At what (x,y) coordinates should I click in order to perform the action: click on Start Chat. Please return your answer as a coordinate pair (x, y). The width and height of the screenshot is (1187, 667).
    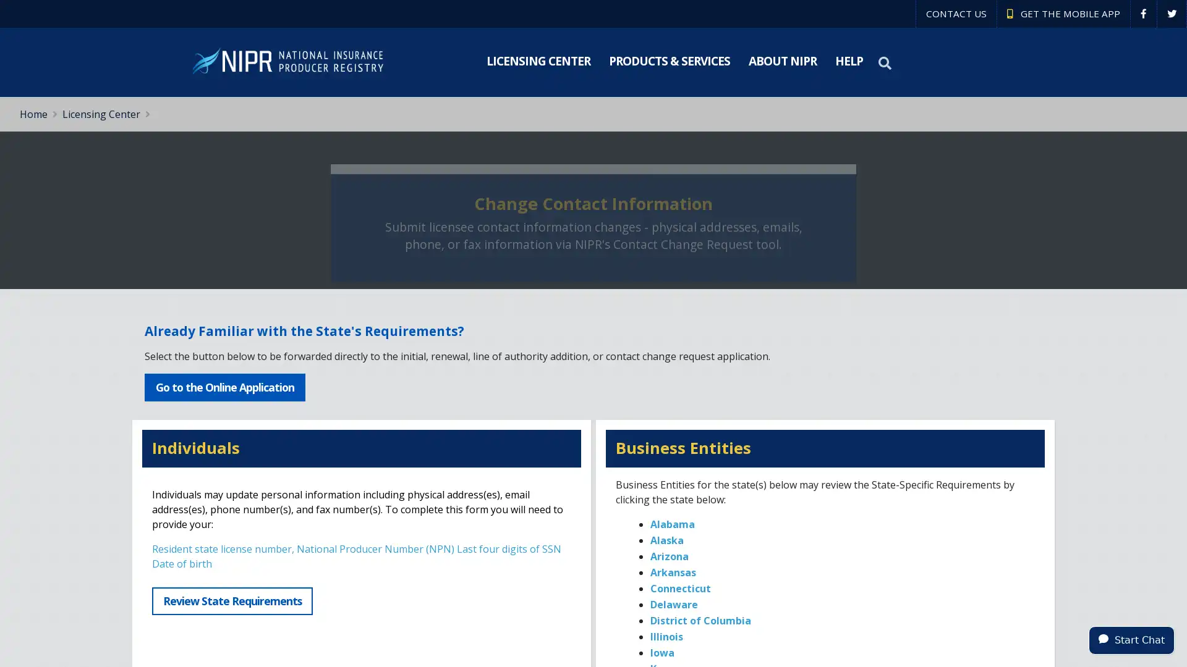
    Looking at the image, I should click on (1131, 639).